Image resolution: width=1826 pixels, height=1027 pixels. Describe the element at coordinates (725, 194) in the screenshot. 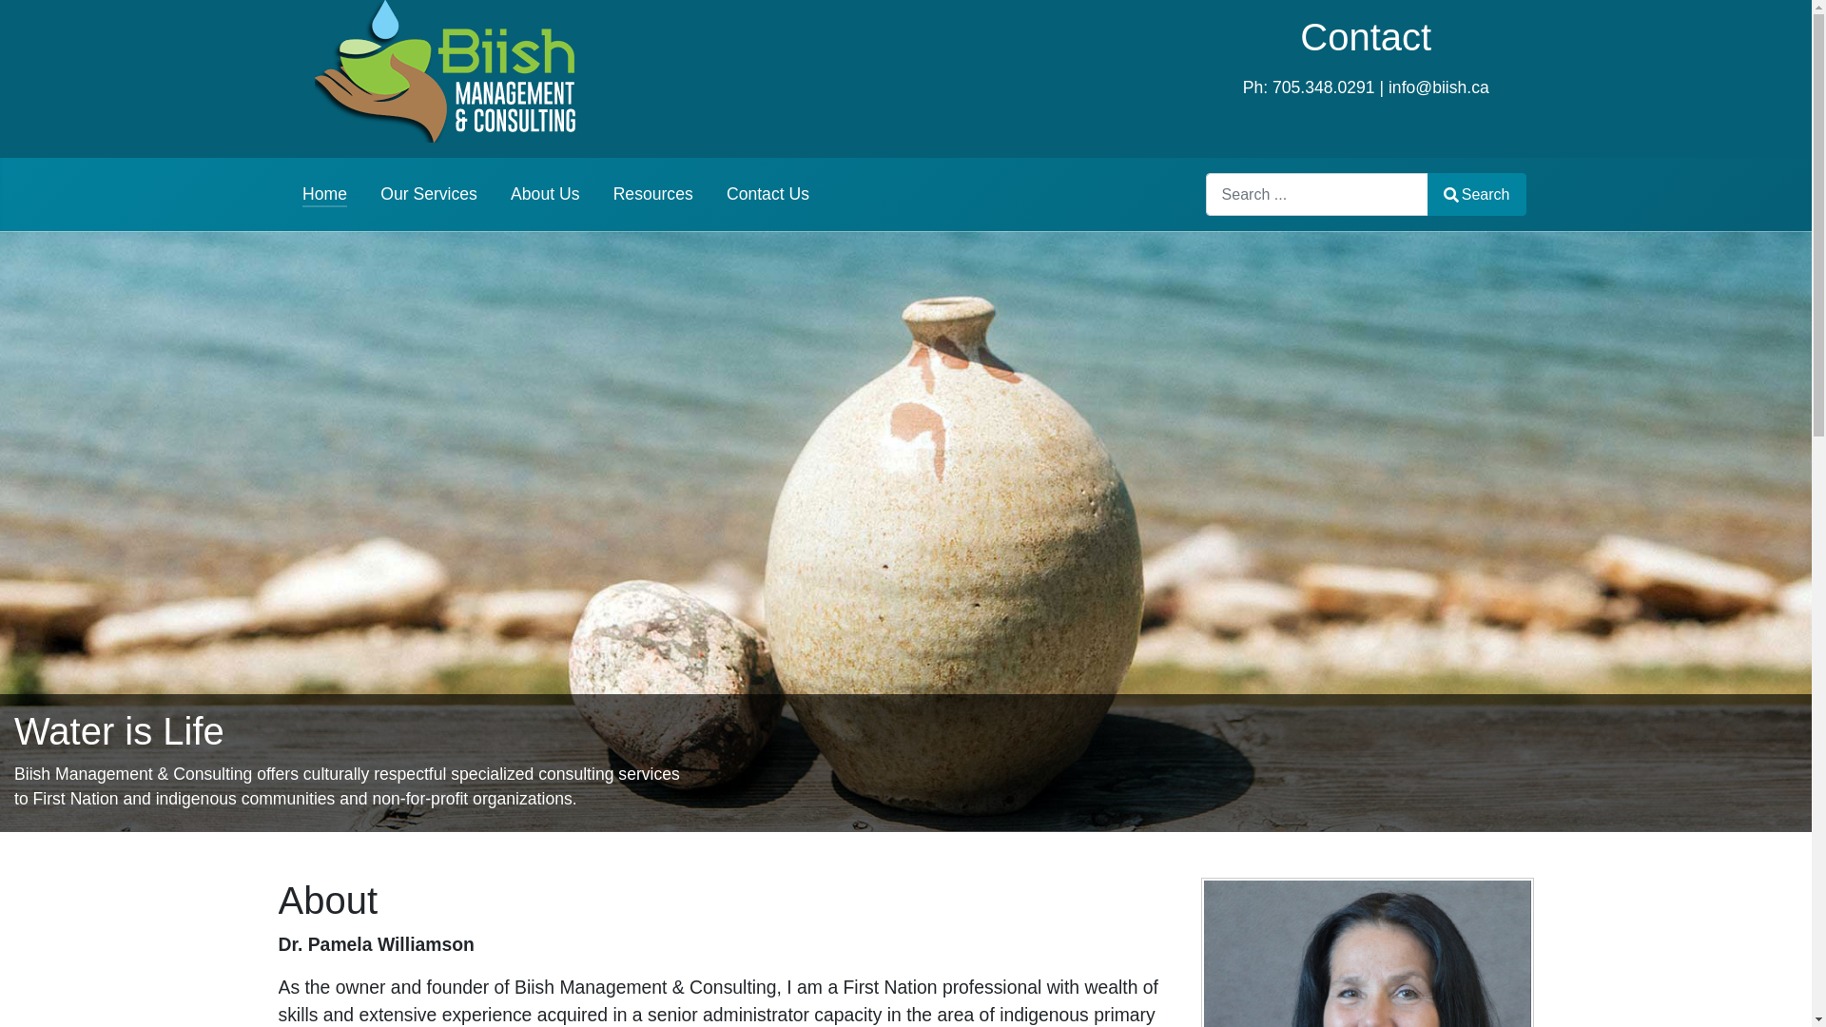

I see `'Contact Us'` at that location.